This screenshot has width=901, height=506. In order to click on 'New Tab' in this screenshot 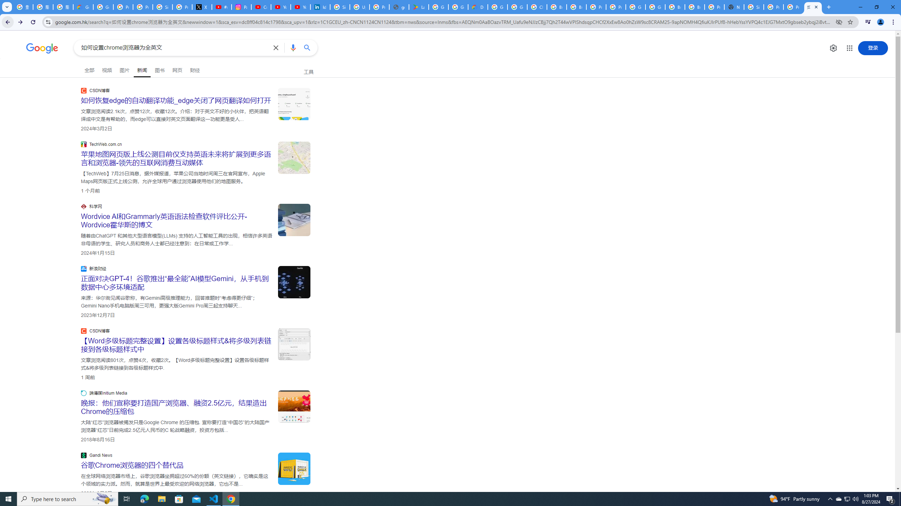, I will do `click(733, 7)`.